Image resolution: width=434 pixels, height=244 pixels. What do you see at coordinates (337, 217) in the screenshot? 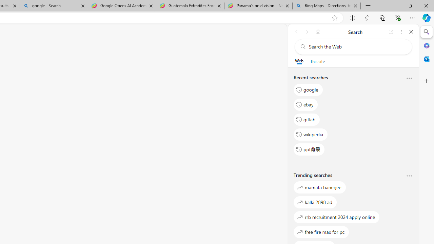
I see `'rrb recruitment 2024 apply online'` at bounding box center [337, 217].